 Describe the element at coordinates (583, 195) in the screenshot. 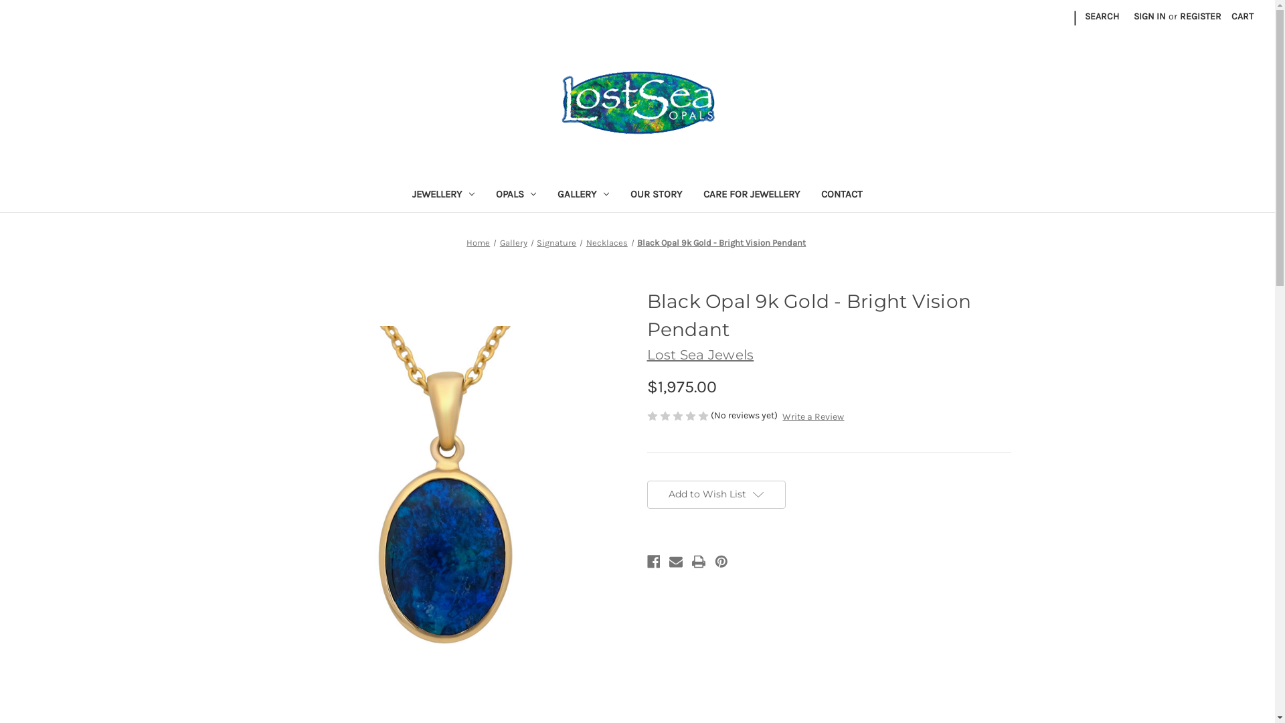

I see `'GALLERY'` at that location.